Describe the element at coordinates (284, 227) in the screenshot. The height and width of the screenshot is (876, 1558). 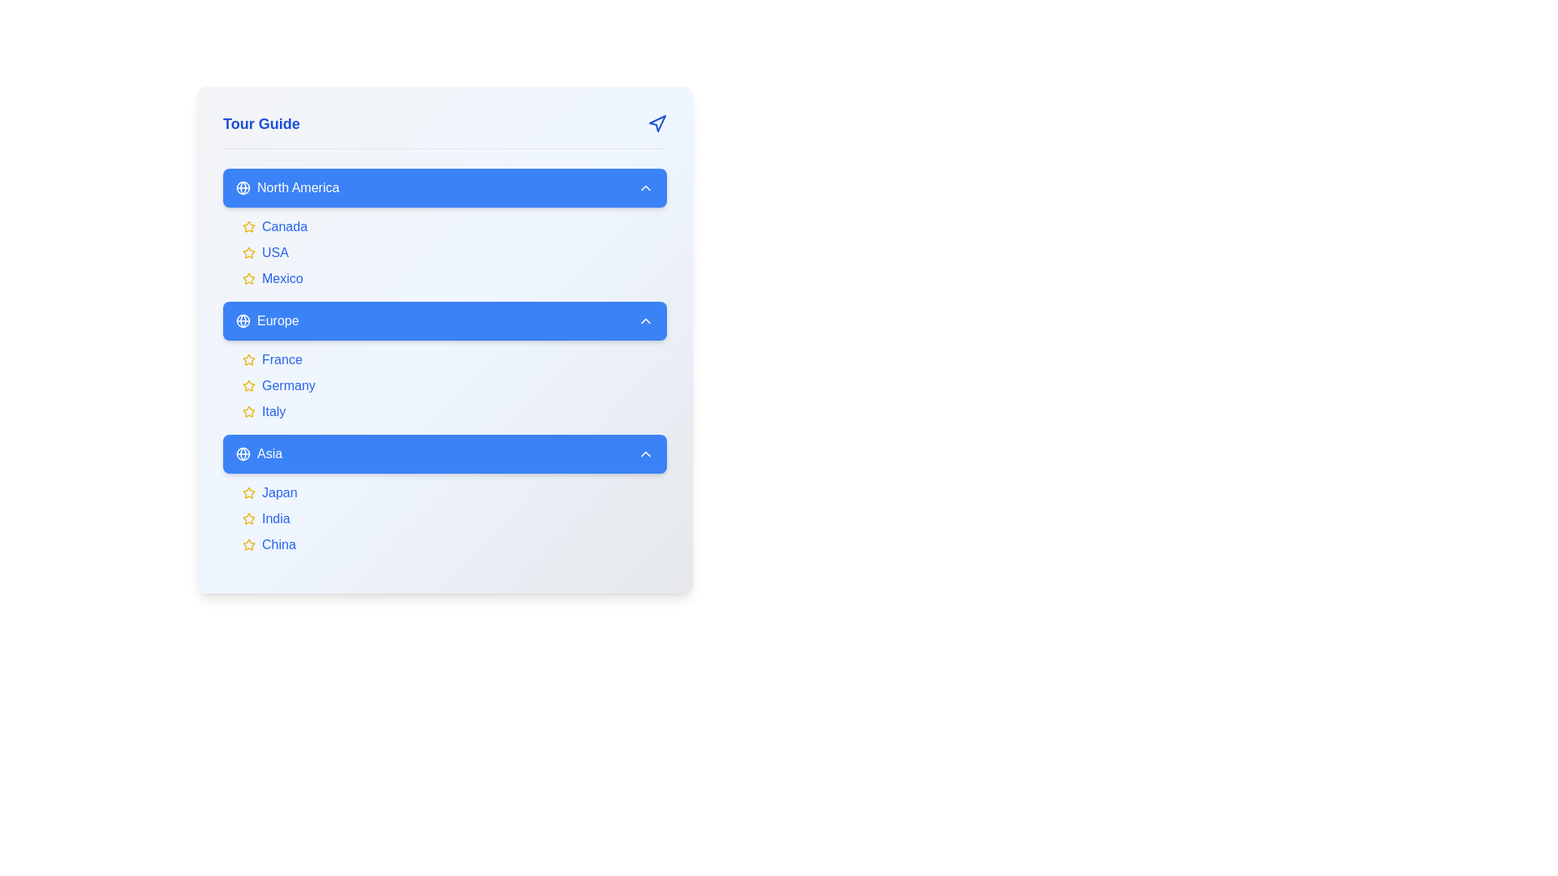
I see `the 'Canada' hyperlink, which is styled with blue text and an underline, positioned to the right of a yellow star icon and above 'USA' in the North America list` at that location.